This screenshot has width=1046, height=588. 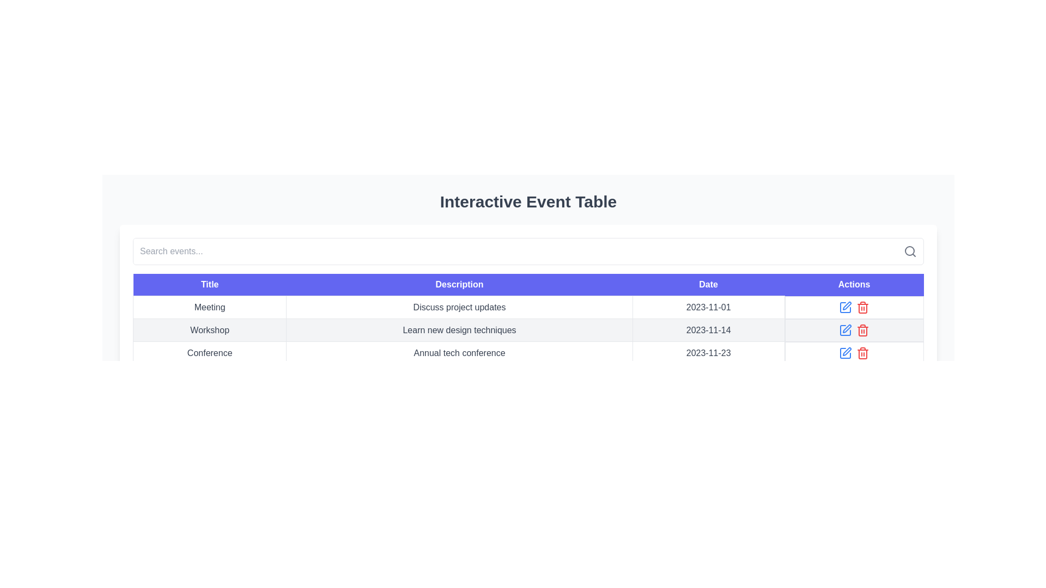 What do you see at coordinates (459, 284) in the screenshot?
I see `the second column header in the table to sort the data in the corresponding column, which contains descriptions of various items or events` at bounding box center [459, 284].